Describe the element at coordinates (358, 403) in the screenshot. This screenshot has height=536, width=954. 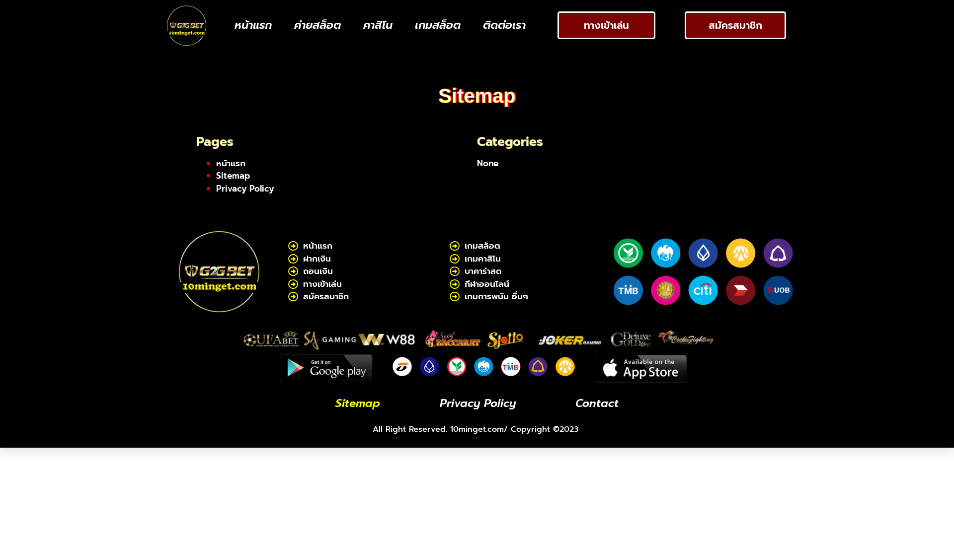
I see `'Sitemap'` at that location.